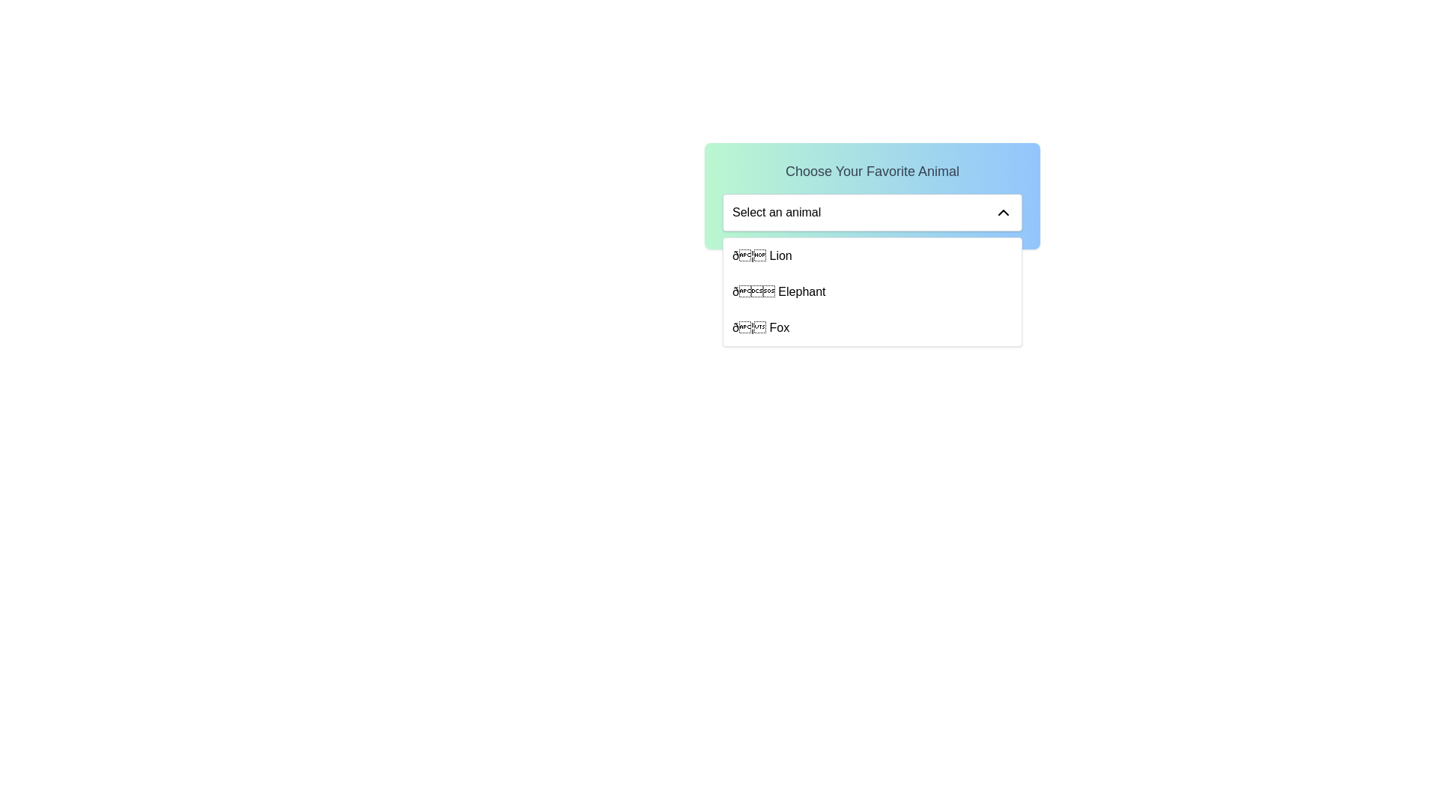 The image size is (1438, 809). What do you see at coordinates (762, 255) in the screenshot?
I see `the first item in the dropdown menu that displays a lion emoji followed by the word 'Lion'` at bounding box center [762, 255].